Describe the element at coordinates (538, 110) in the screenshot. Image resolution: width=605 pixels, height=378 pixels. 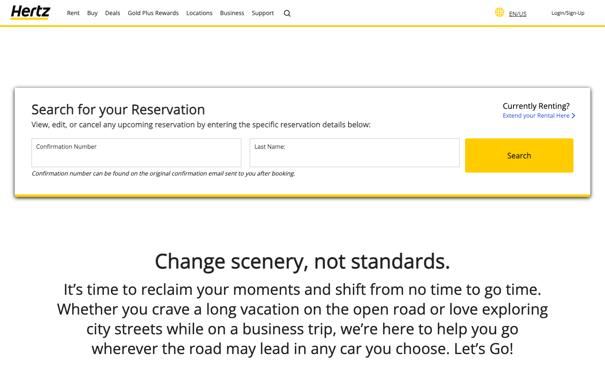
I see `the process to lengthen your rental period` at that location.